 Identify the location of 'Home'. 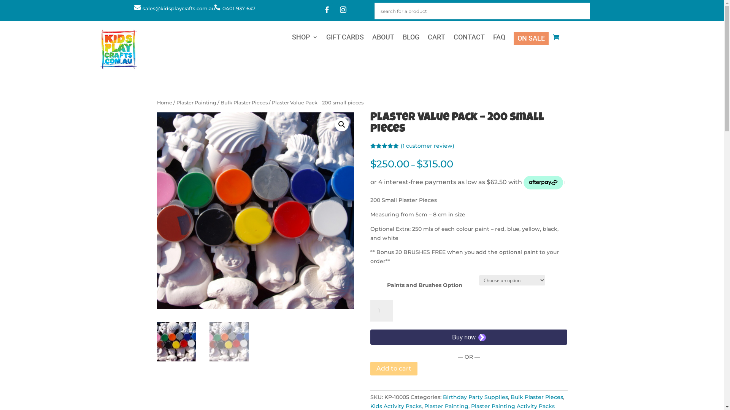
(164, 102).